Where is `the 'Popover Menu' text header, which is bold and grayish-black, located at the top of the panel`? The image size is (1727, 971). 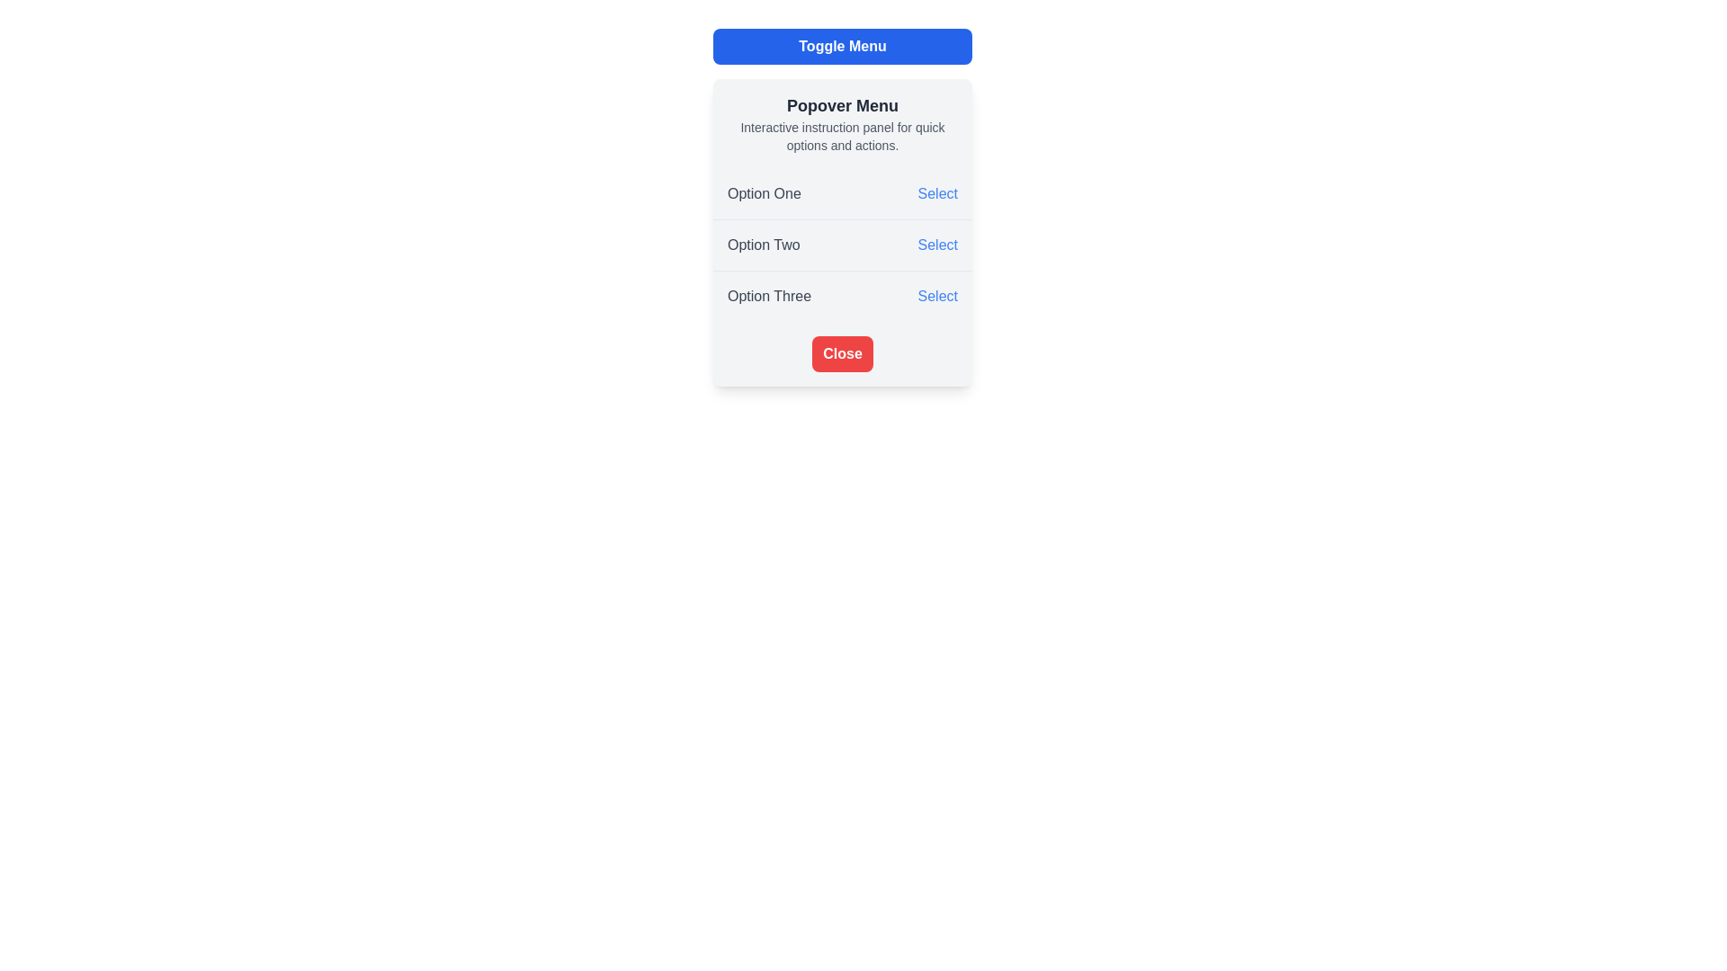 the 'Popover Menu' text header, which is bold and grayish-black, located at the top of the panel is located at coordinates (841, 106).